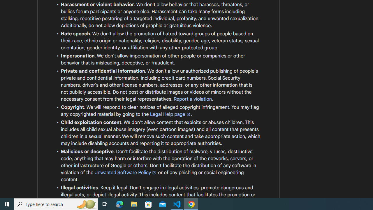  I want to click on 'Report a violation', so click(193, 99).